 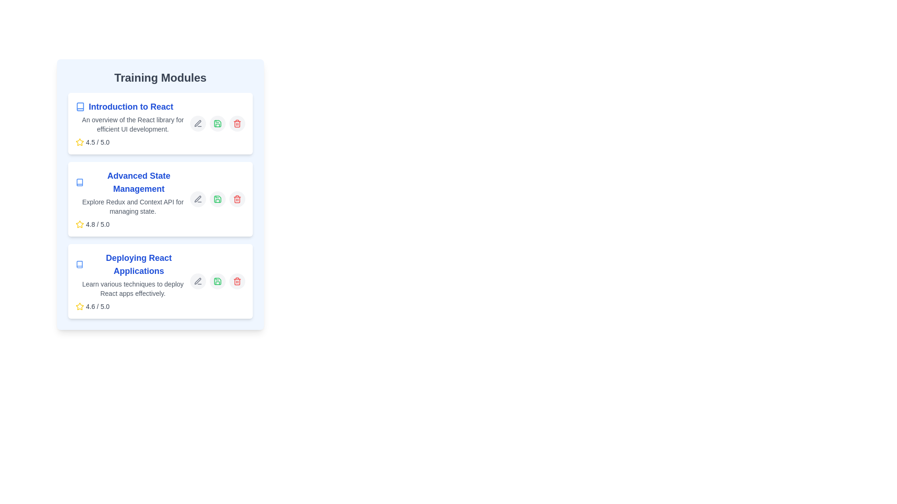 What do you see at coordinates (80, 106) in the screenshot?
I see `the book icon that is part of the 'Introduction to React' module tile, located to the left of its title` at bounding box center [80, 106].